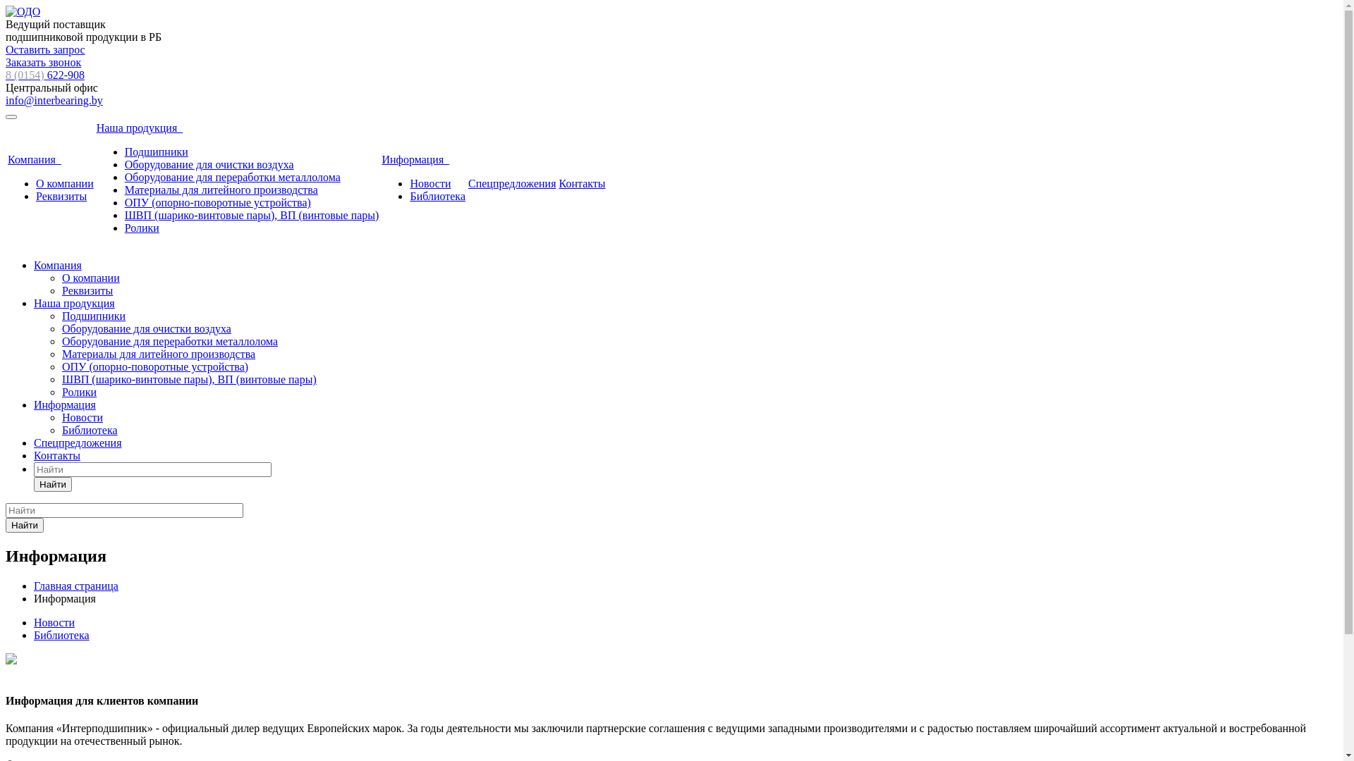 This screenshot has height=761, width=1354. What do you see at coordinates (54, 99) in the screenshot?
I see `'info@interbearing.by'` at bounding box center [54, 99].